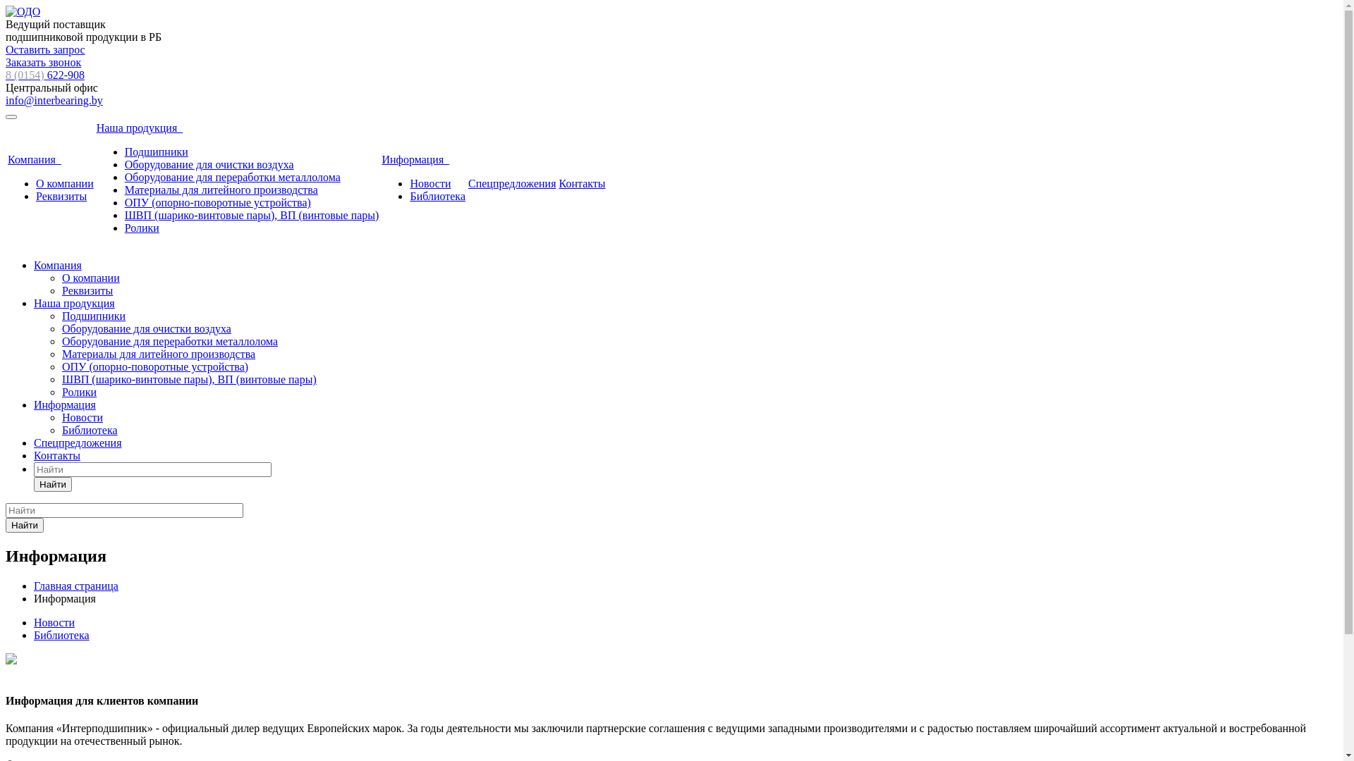 This screenshot has height=761, width=1354. What do you see at coordinates (54, 99) in the screenshot?
I see `'info@interbearing.by'` at bounding box center [54, 99].